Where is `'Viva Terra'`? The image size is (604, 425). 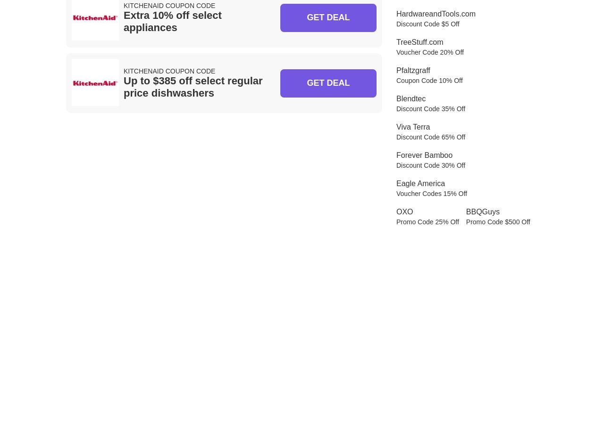 'Viva Terra' is located at coordinates (413, 126).